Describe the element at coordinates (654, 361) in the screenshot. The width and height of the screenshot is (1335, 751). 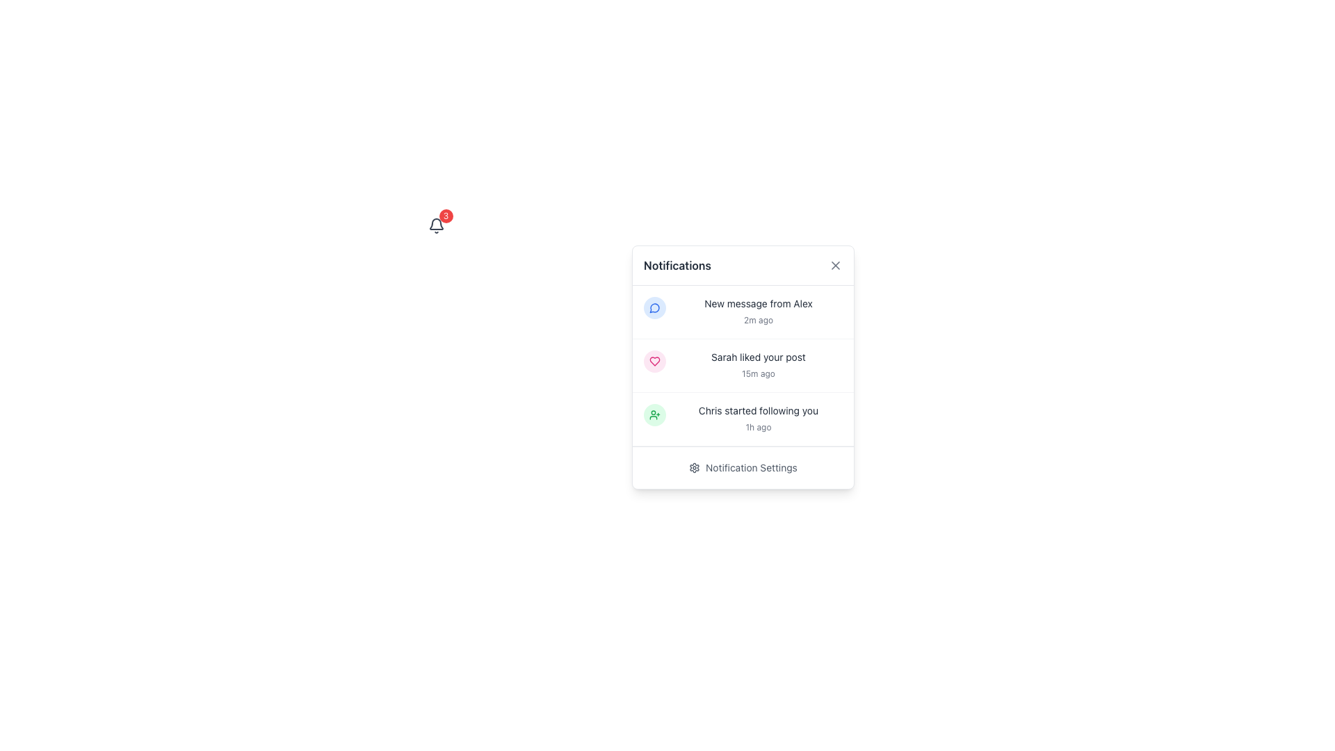
I see `the 'like' icon which represents a notification for Sarah's engagement, located to the left of the text 'Sarah liked your post'` at that location.